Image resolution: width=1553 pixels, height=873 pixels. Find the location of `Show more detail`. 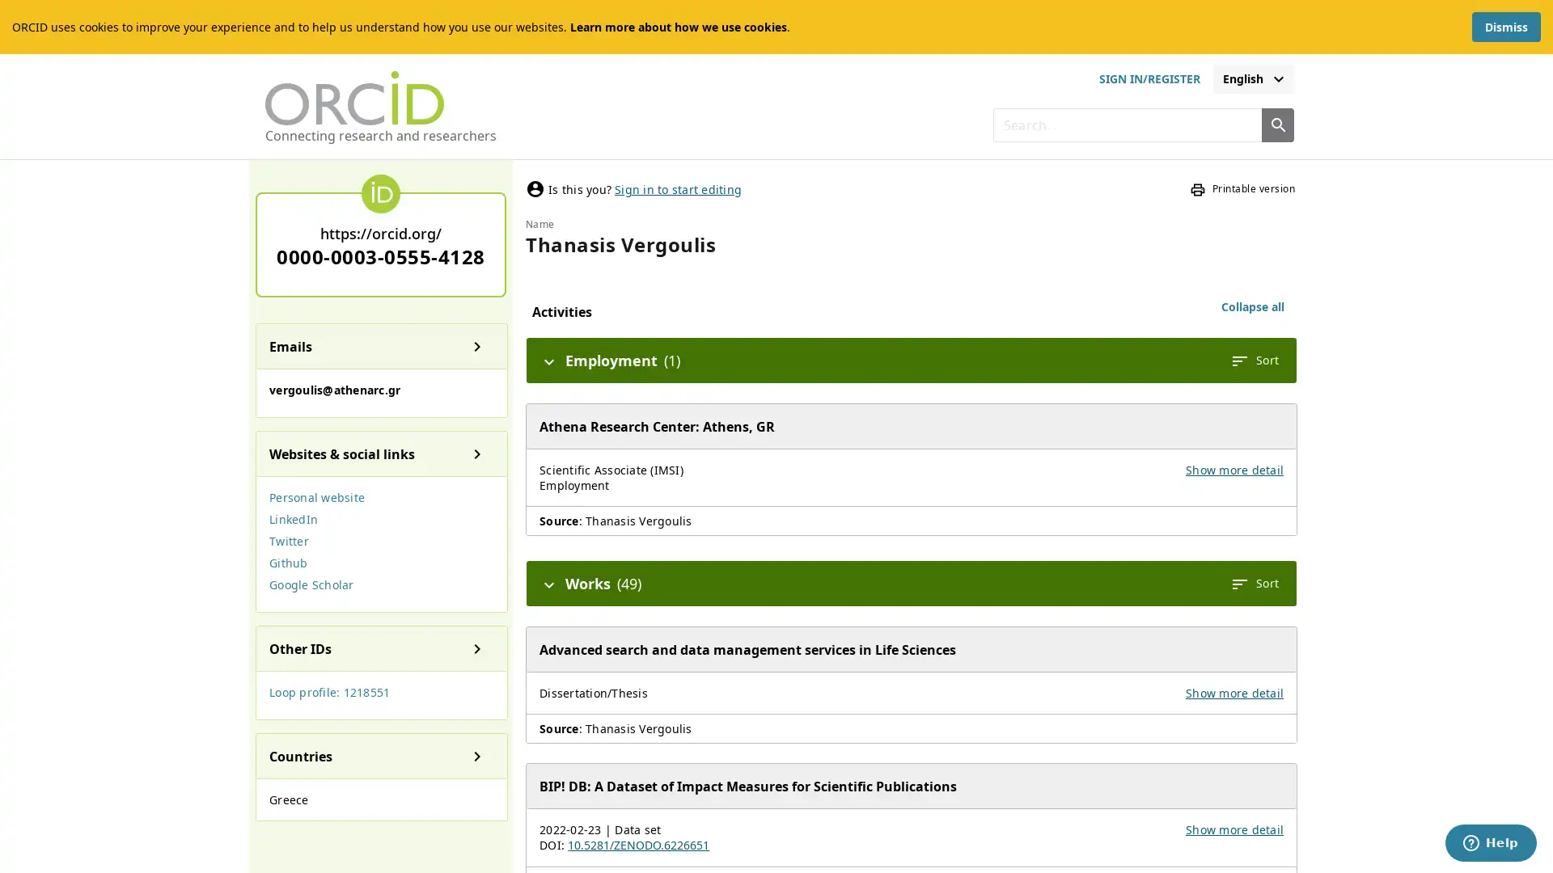

Show more detail is located at coordinates (1234, 470).